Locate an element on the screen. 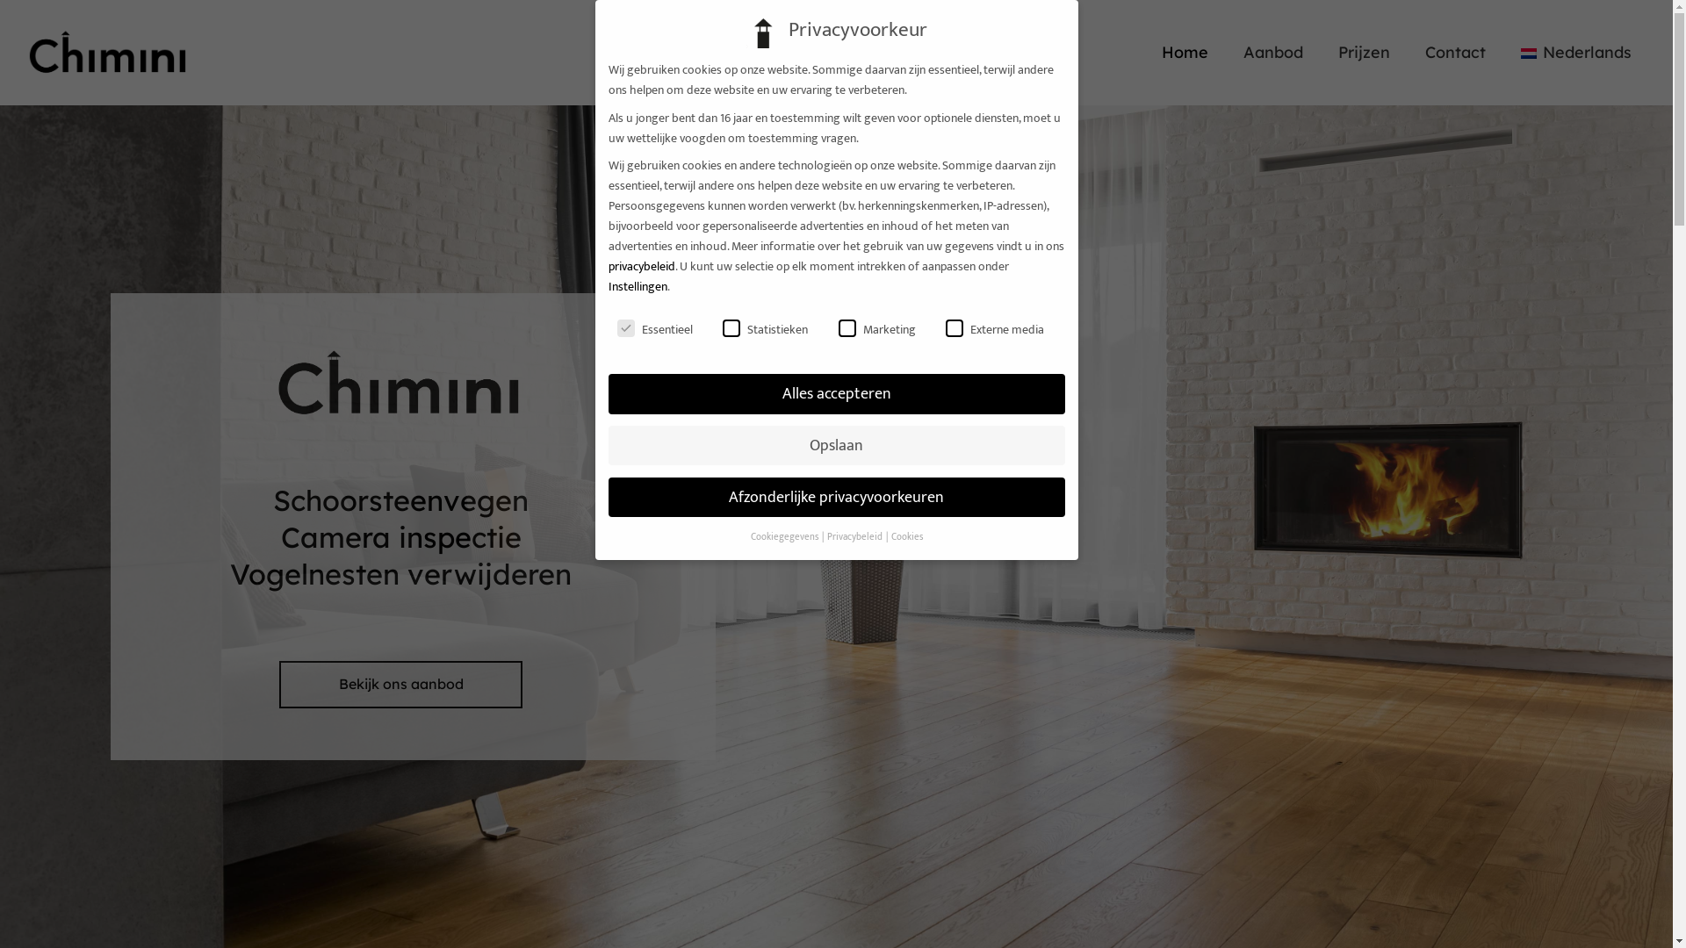 Image resolution: width=1686 pixels, height=948 pixels. 'Contact' is located at coordinates (1455, 52).